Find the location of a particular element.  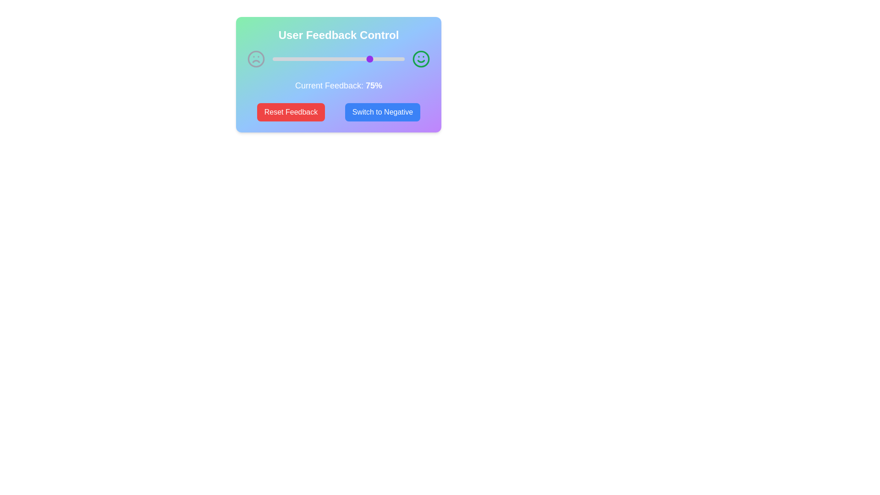

the feedback slider to set the feedback percentage to 47 is located at coordinates (334, 59).